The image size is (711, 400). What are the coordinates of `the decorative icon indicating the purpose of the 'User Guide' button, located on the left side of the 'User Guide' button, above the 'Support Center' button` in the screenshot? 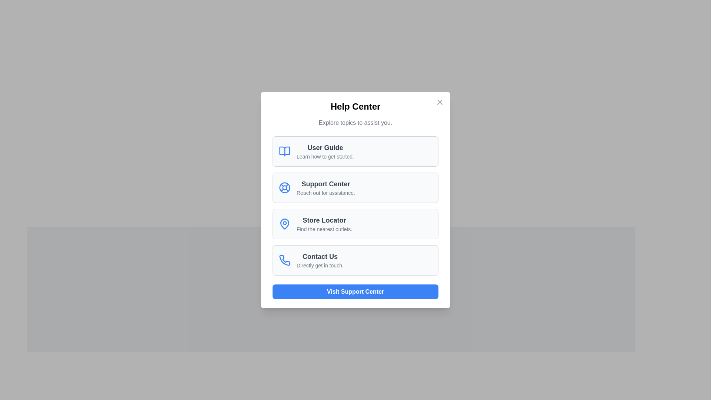 It's located at (284, 151).